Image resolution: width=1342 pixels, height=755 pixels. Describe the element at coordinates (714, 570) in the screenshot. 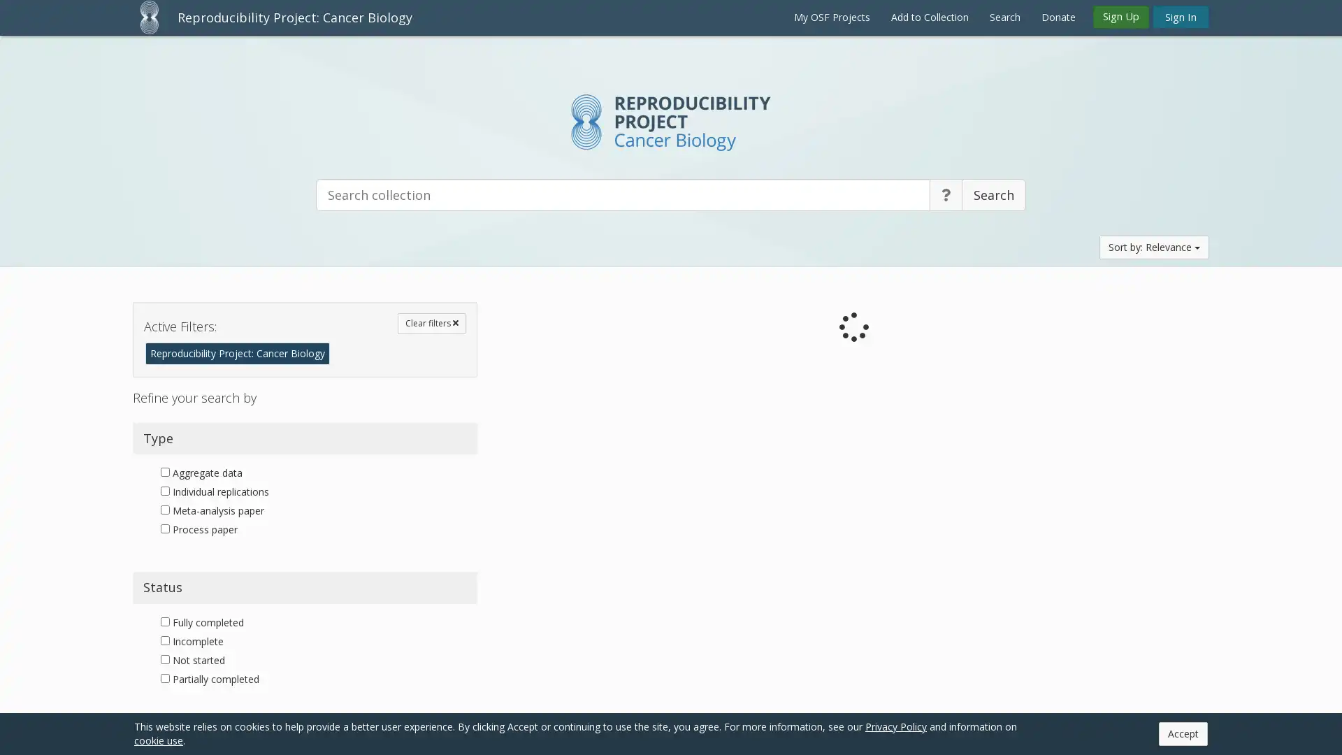

I see `| Status: Fully completed` at that location.